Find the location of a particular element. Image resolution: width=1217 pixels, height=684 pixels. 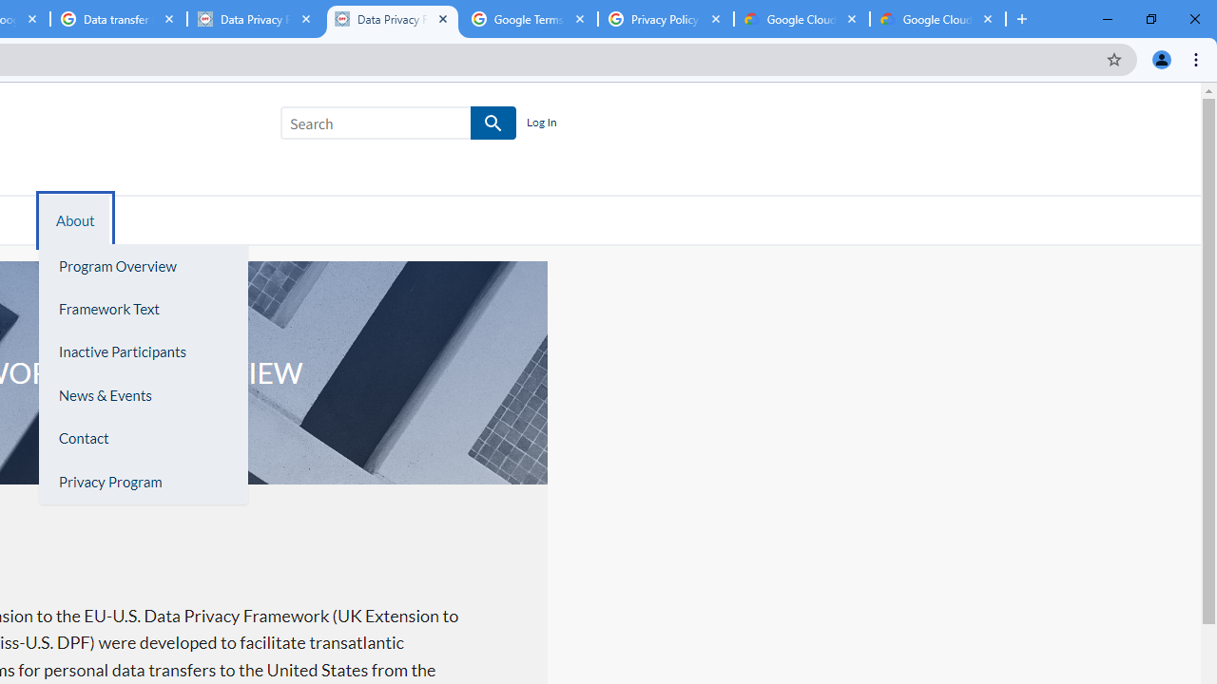

'About' is located at coordinates (75, 218).